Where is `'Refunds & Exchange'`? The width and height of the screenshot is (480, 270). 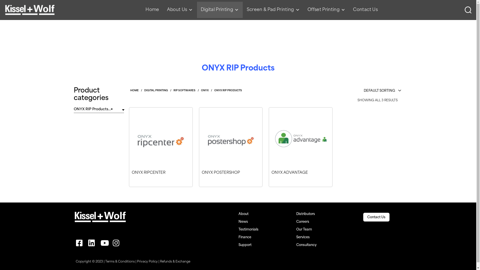
'Refunds & Exchange' is located at coordinates (175, 261).